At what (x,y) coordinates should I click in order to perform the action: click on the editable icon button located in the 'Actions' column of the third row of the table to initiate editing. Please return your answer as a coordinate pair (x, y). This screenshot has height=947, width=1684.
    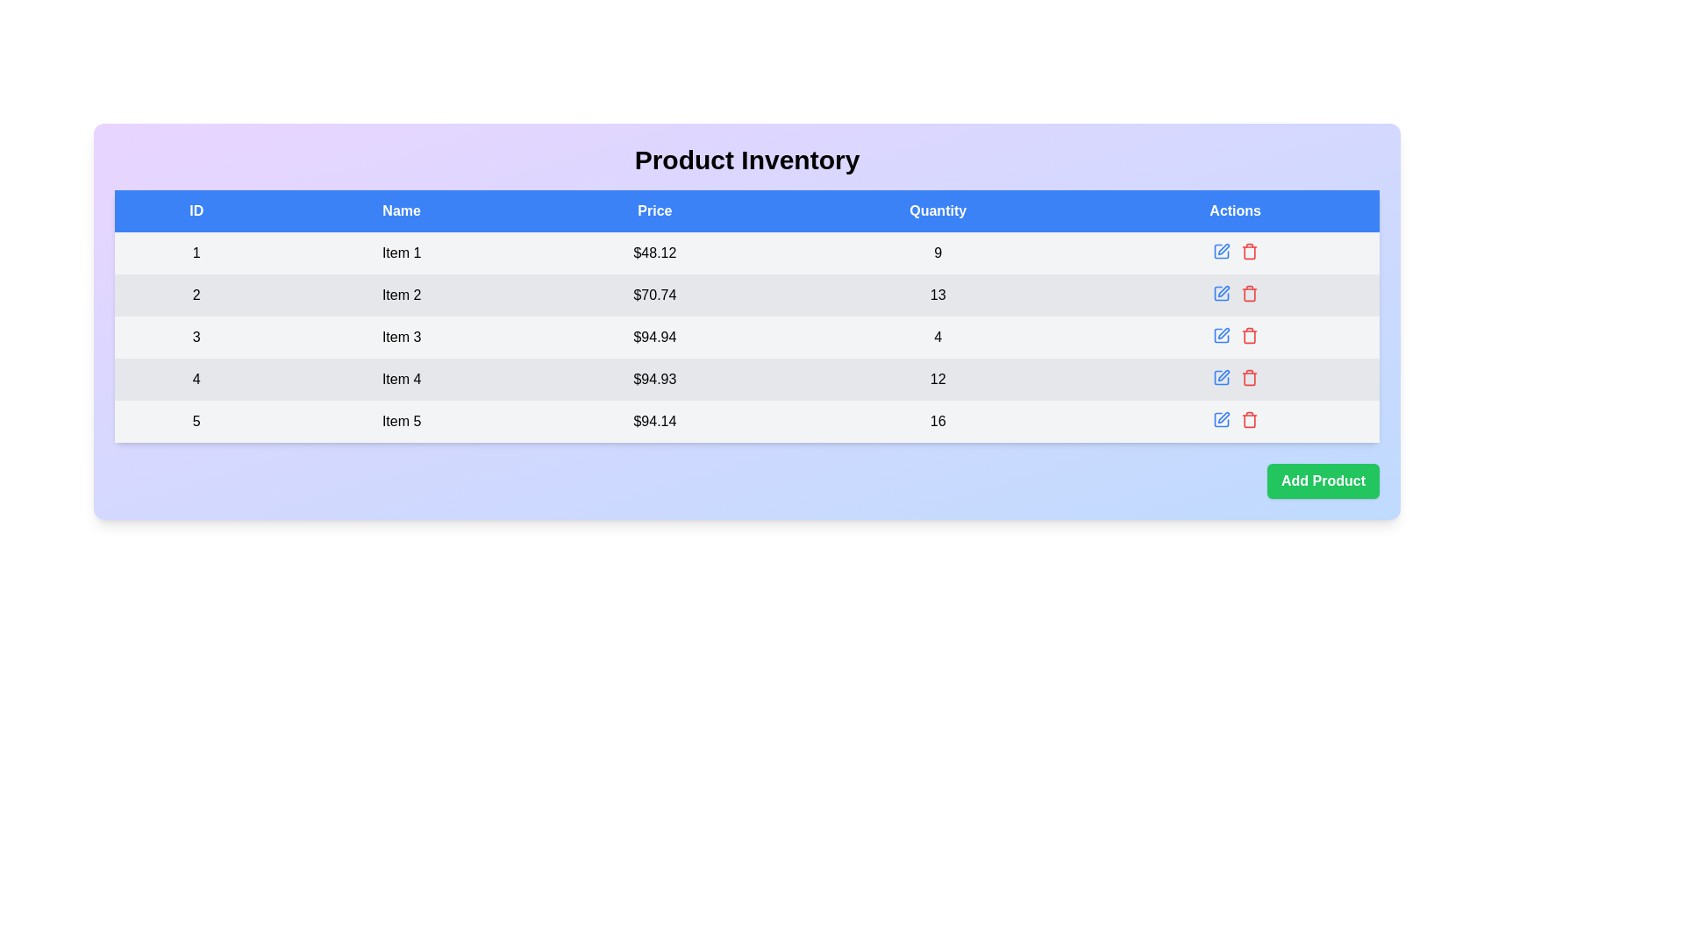
    Looking at the image, I should click on (1220, 335).